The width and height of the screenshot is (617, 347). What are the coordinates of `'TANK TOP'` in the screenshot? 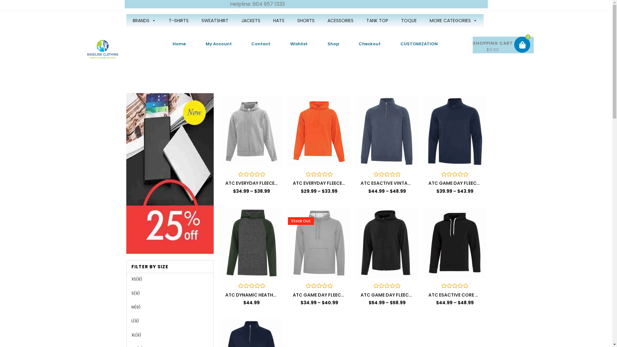 It's located at (377, 20).